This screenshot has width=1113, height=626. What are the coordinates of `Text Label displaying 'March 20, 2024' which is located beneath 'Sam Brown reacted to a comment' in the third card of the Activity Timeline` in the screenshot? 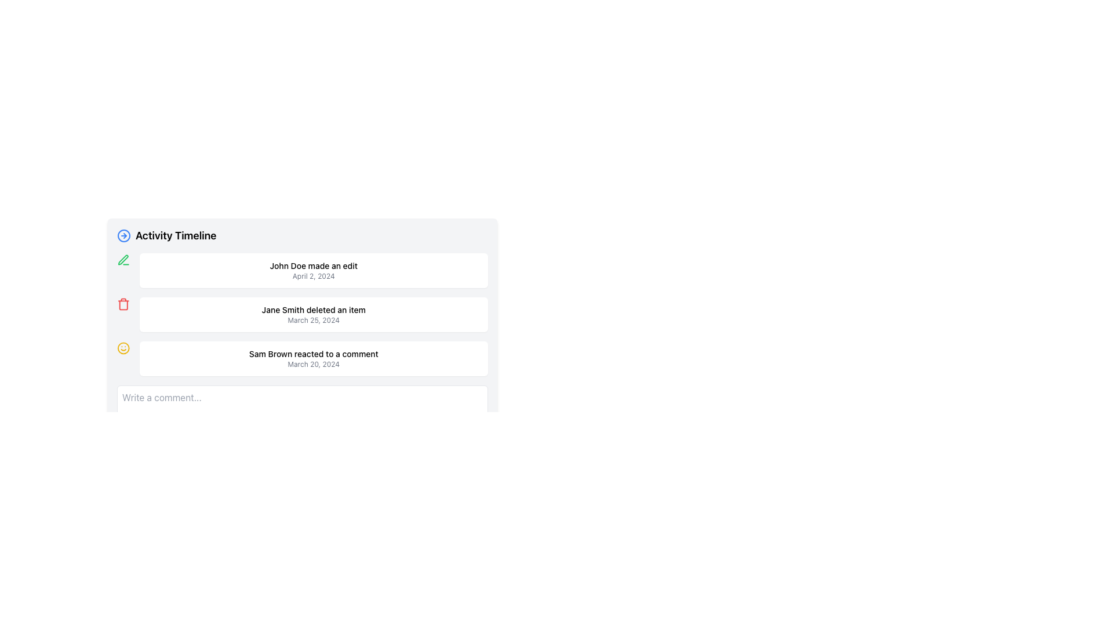 It's located at (314, 363).